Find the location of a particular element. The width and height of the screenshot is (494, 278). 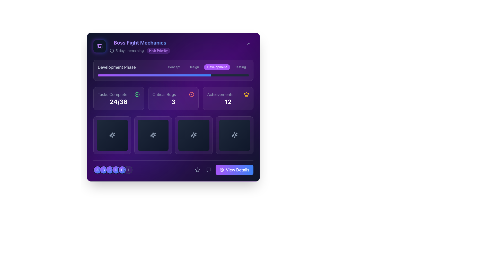

the completion indicator icon located to the right of 'Tasks Complete' and above the progress indicator '24/36' is located at coordinates (137, 94).